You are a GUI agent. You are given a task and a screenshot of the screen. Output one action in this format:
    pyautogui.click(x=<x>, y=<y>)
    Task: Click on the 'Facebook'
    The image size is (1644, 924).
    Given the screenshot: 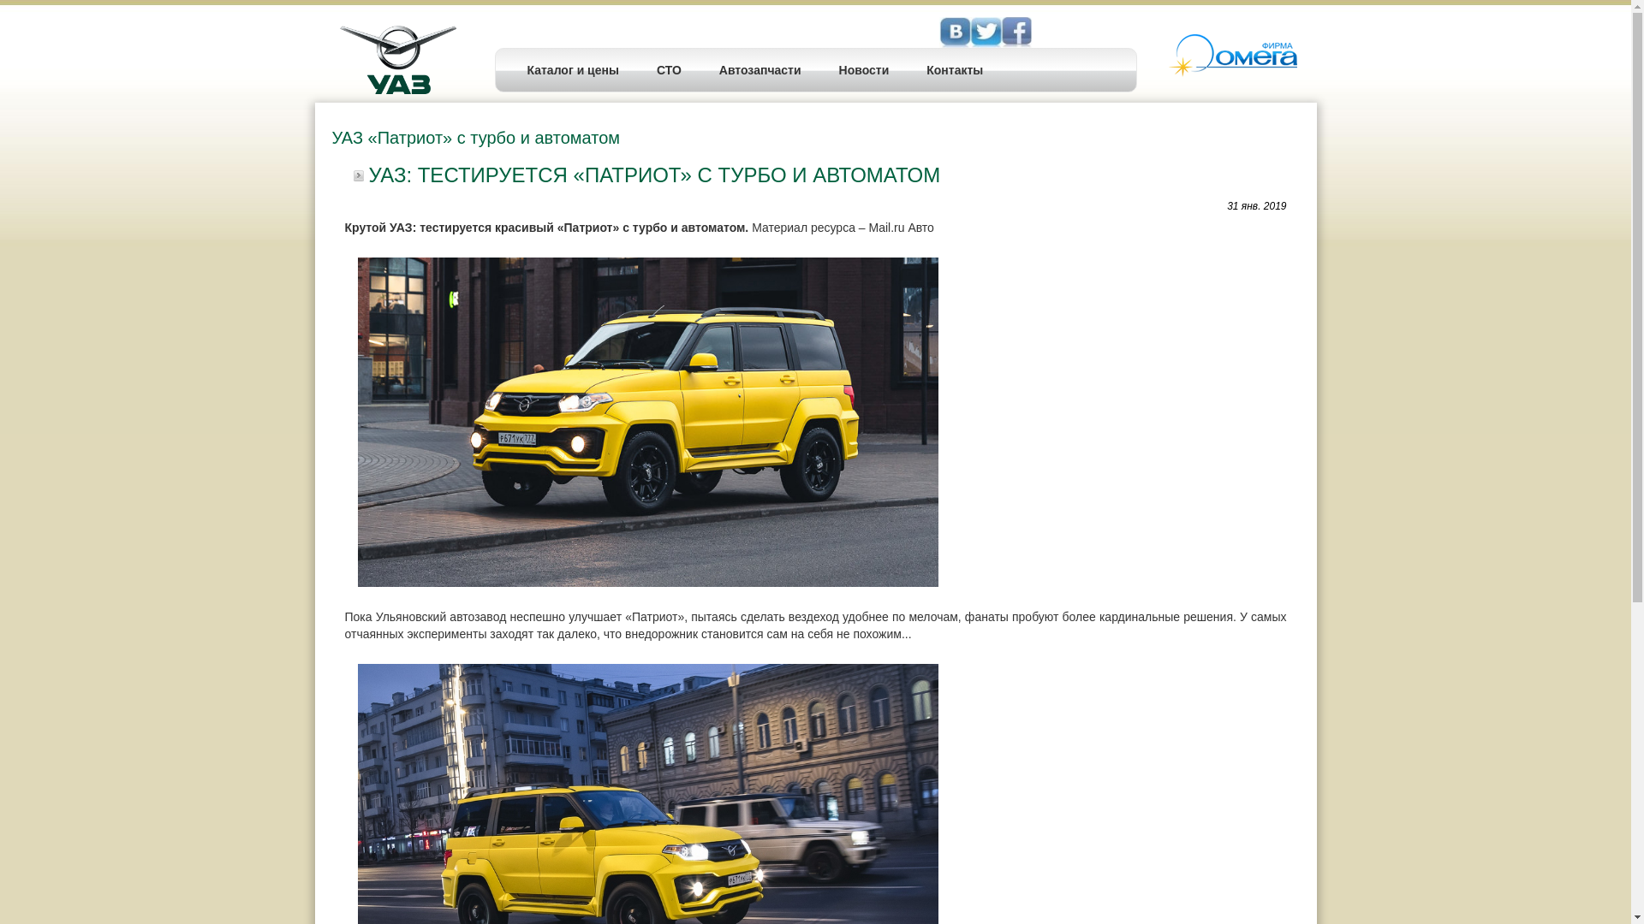 What is the action you would take?
    pyautogui.click(x=986, y=33)
    